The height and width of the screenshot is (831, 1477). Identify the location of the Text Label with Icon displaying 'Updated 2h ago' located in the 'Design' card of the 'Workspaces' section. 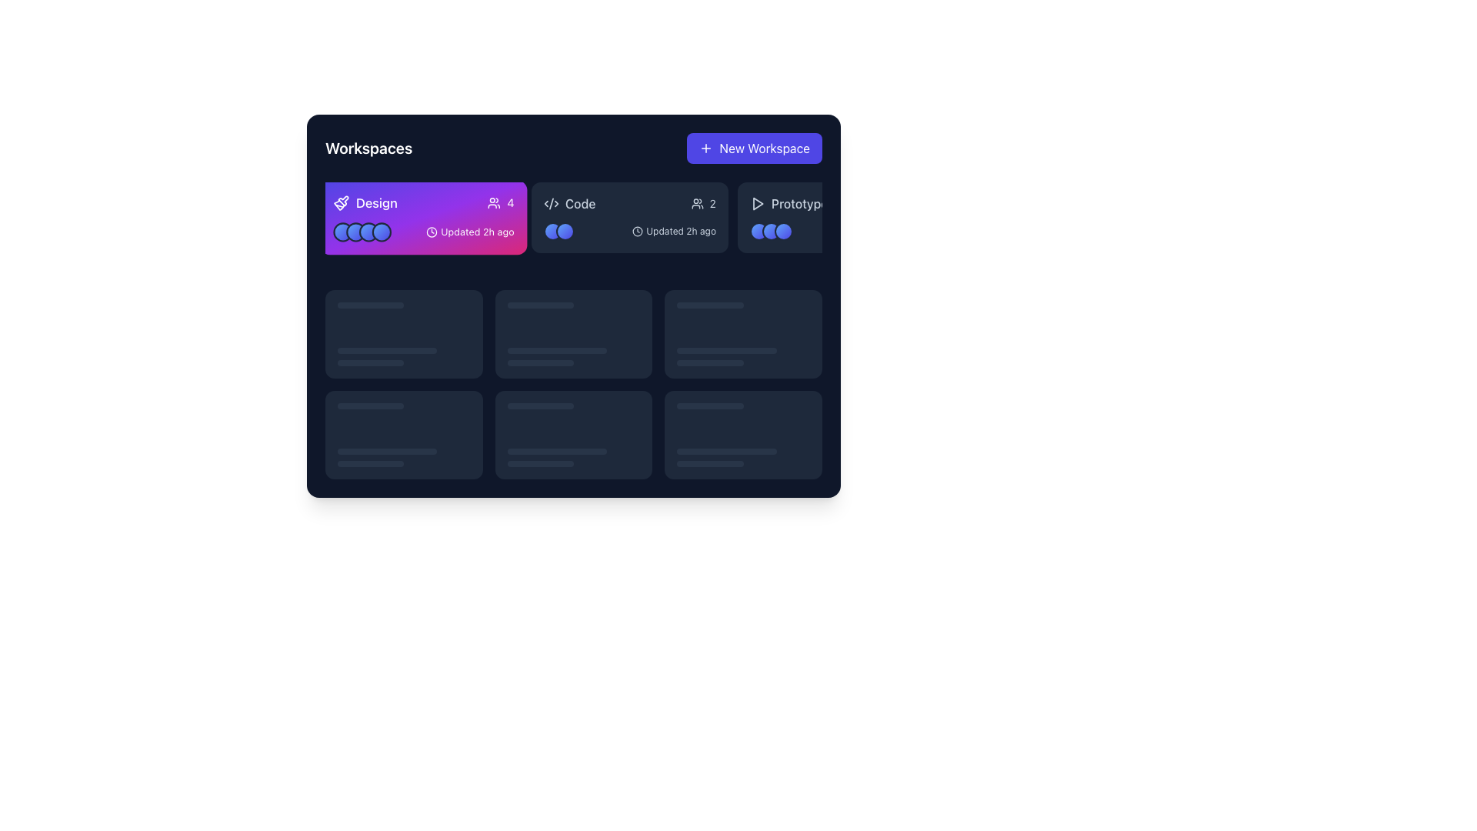
(469, 232).